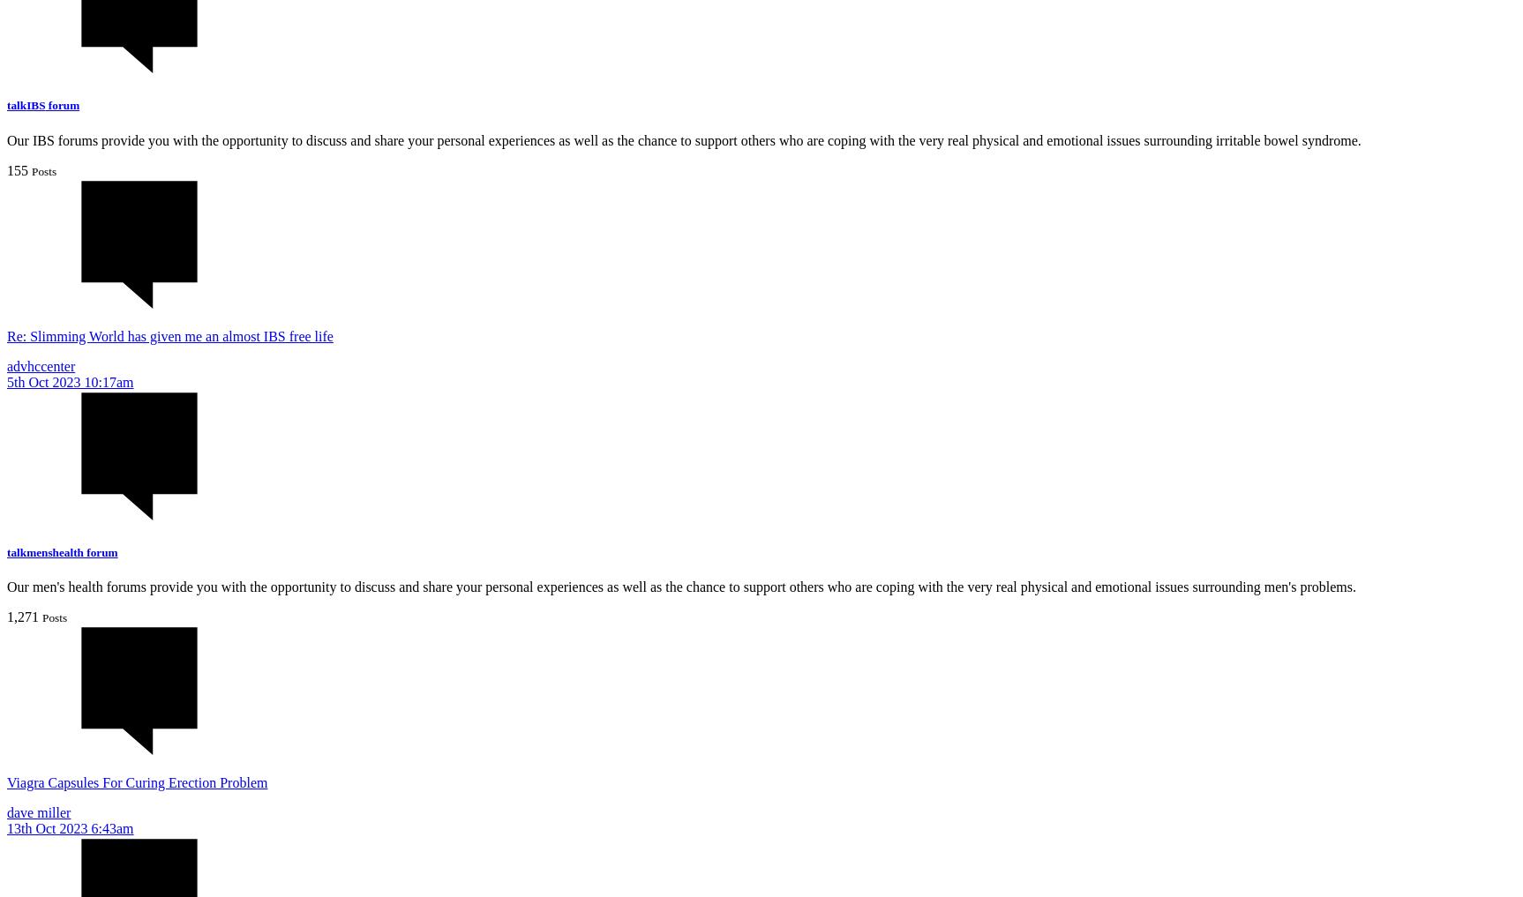  Describe the element at coordinates (41, 365) in the screenshot. I see `'advhccenter'` at that location.